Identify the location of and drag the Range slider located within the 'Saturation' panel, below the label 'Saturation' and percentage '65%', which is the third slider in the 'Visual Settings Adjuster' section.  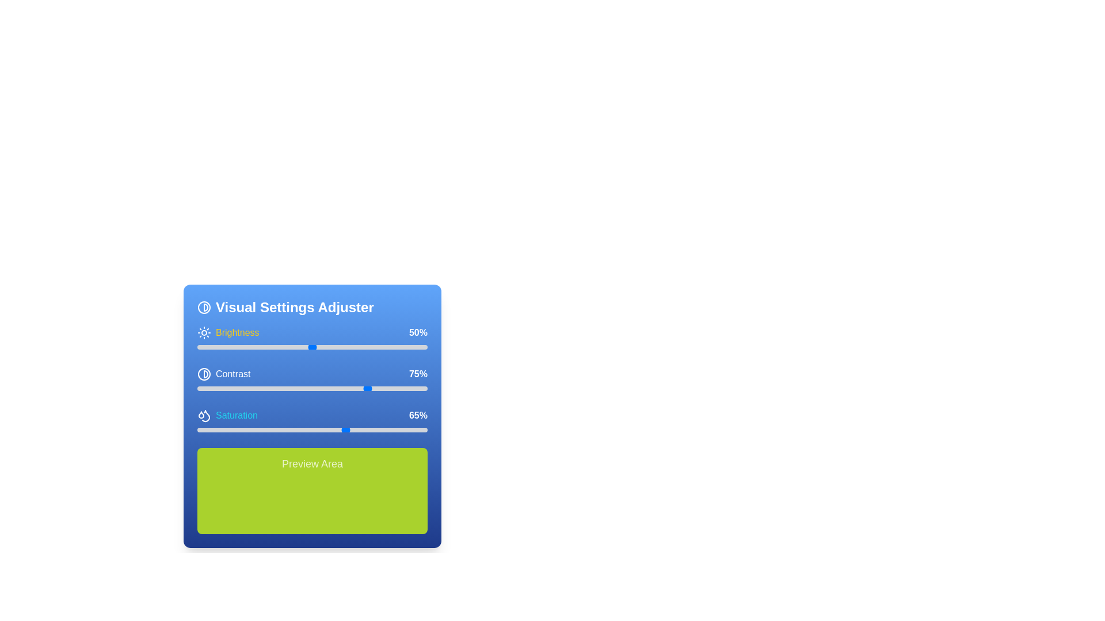
(312, 430).